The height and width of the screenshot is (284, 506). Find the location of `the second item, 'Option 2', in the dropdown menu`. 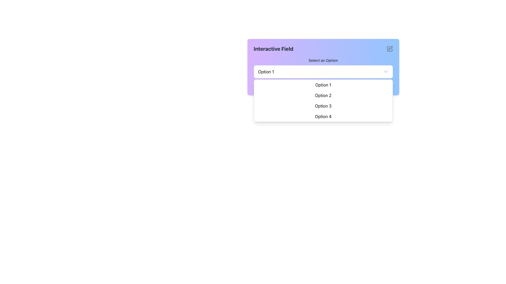

the second item, 'Option 2', in the dropdown menu is located at coordinates (323, 95).